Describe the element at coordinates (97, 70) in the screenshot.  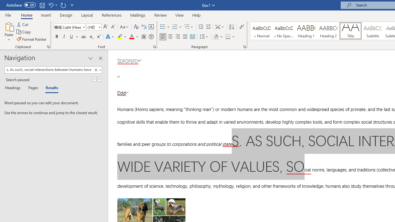
I see `'Clear'` at that location.